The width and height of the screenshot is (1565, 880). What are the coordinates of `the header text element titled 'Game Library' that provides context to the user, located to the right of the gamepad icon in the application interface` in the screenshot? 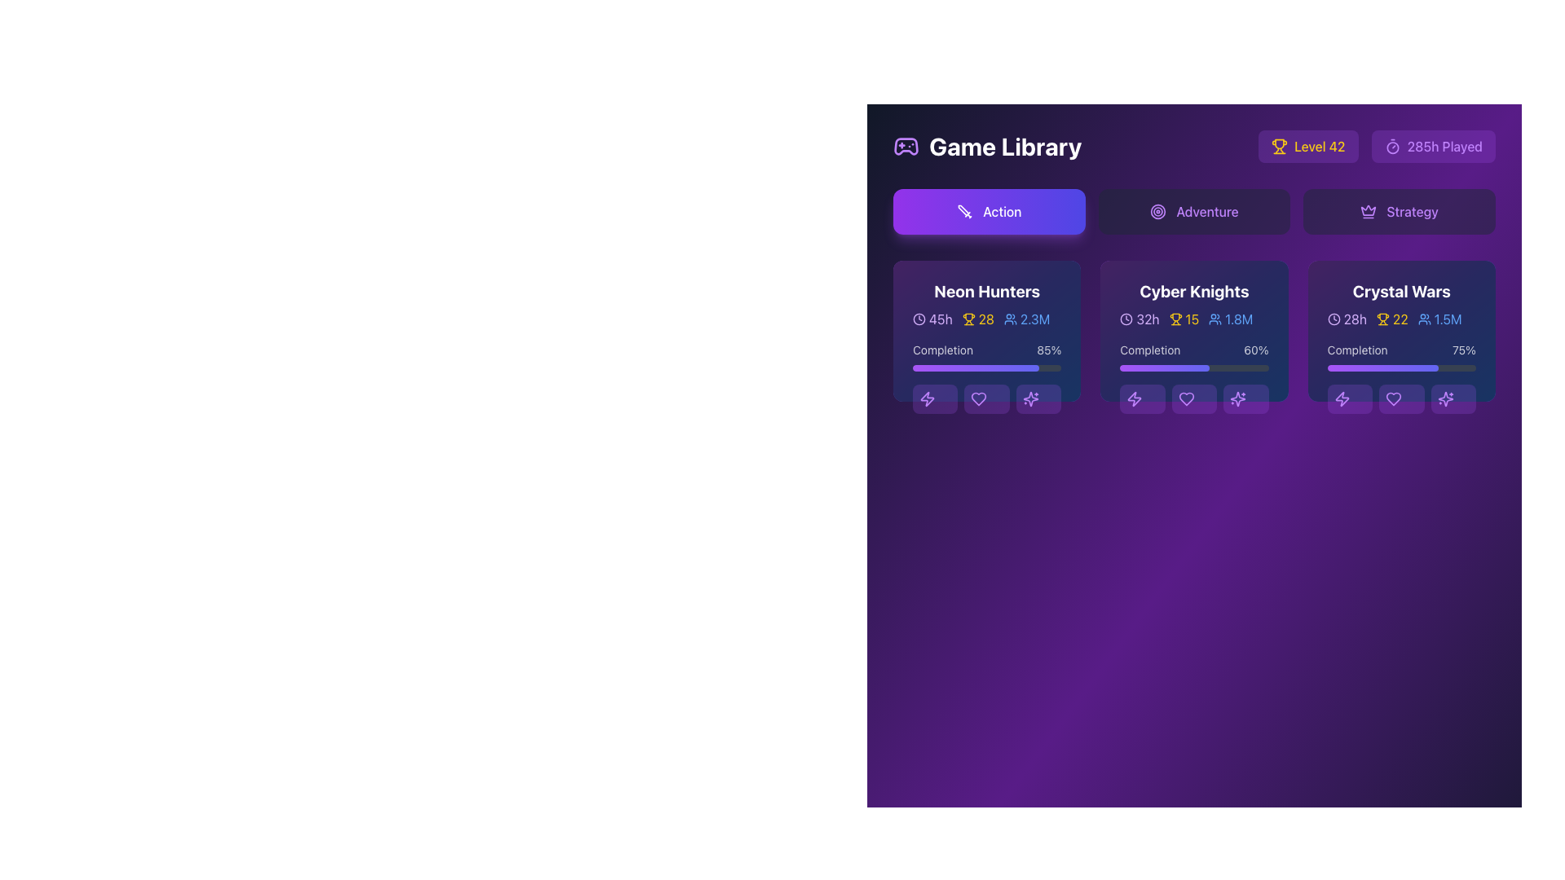 It's located at (1004, 147).